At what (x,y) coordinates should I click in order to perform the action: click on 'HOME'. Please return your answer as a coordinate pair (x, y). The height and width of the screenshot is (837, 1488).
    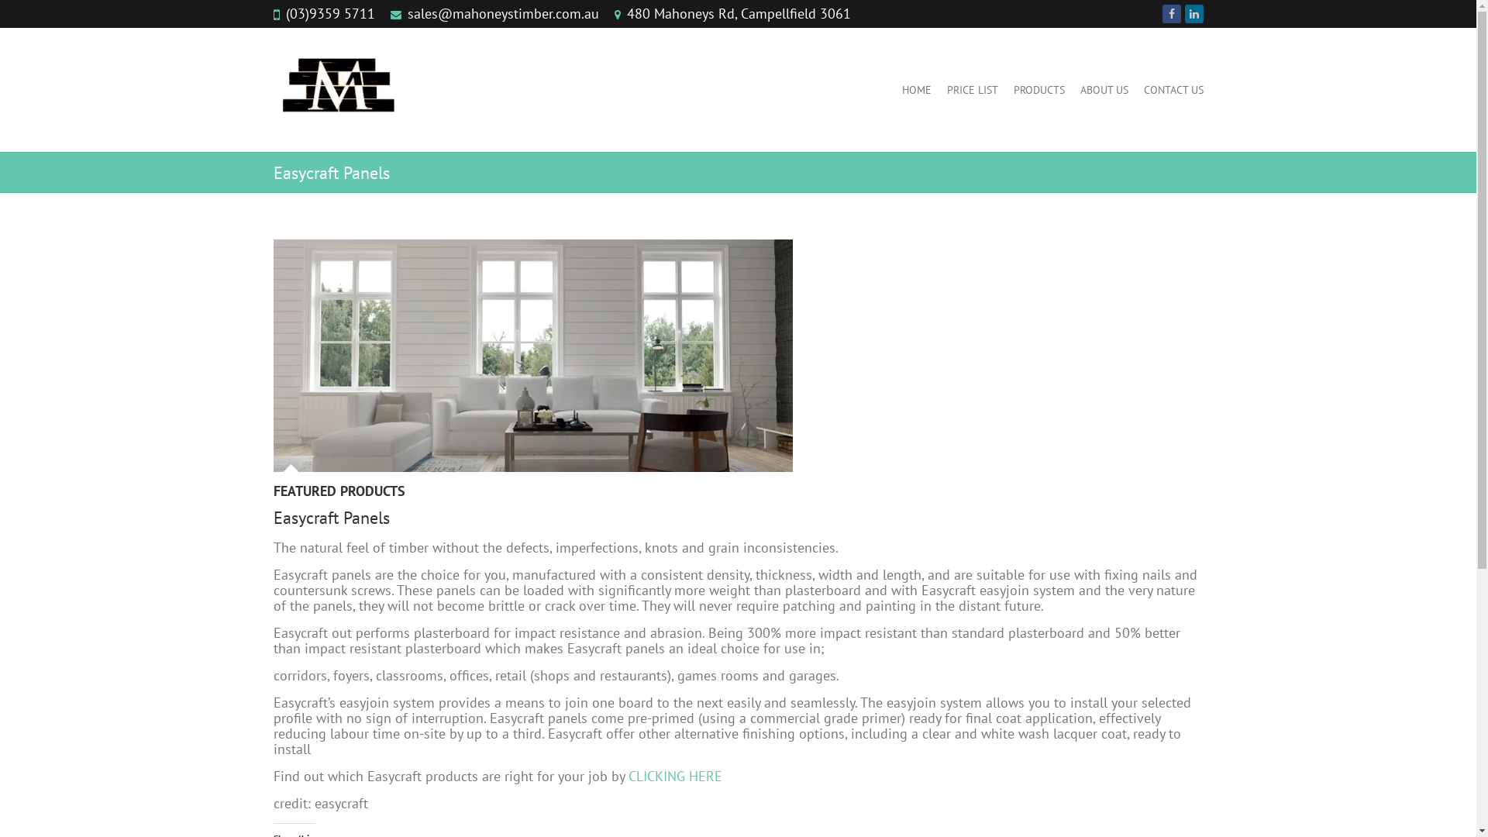
    Looking at the image, I should click on (916, 89).